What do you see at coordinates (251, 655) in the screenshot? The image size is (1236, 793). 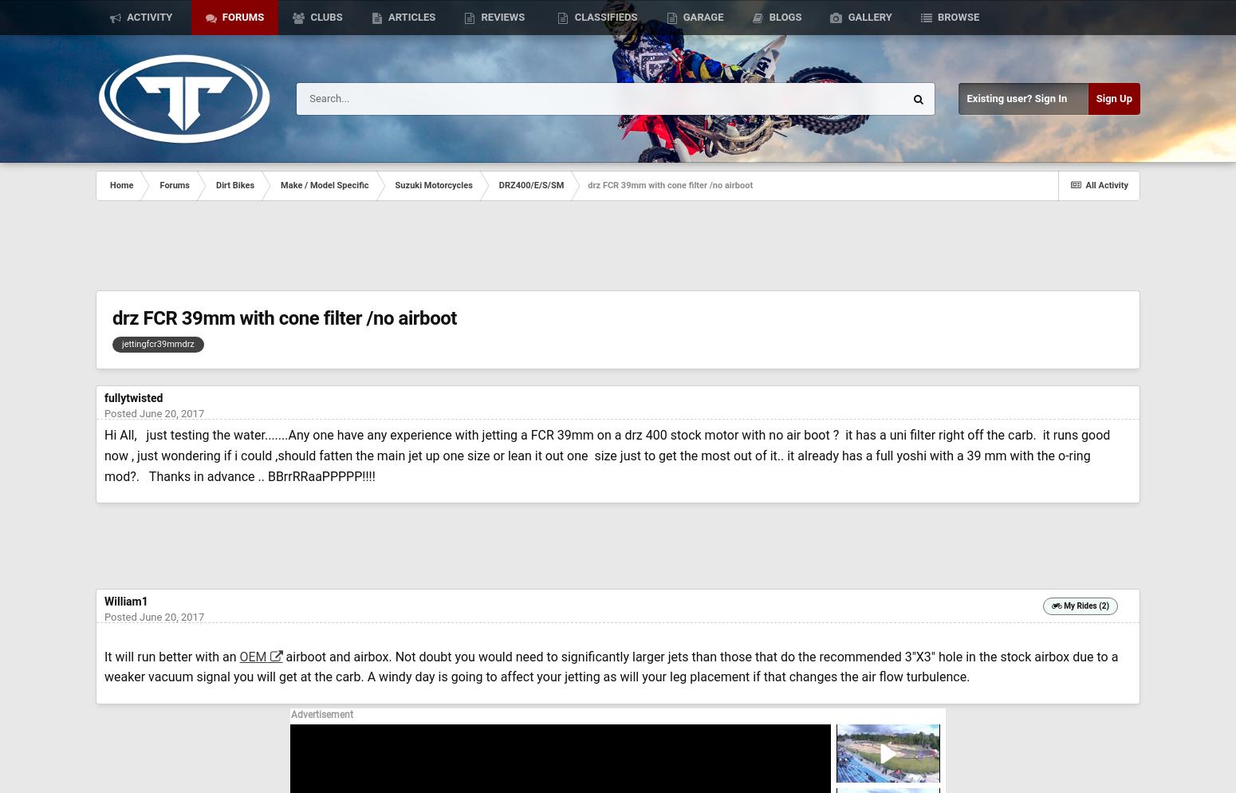 I see `'OEM'` at bounding box center [251, 655].